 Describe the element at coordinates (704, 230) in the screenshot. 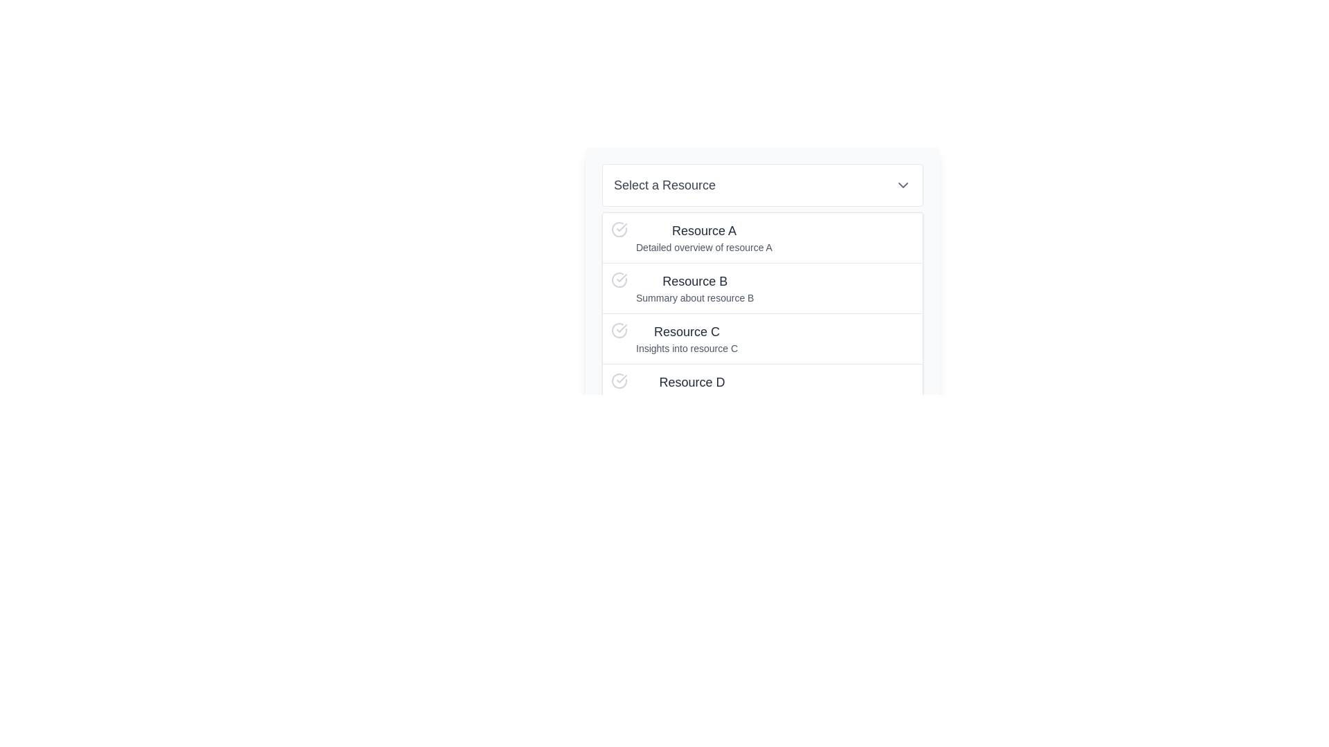

I see `the text label 'Resource A' which is prominently styled in a larger font size and aligned to the left within a list box` at that location.